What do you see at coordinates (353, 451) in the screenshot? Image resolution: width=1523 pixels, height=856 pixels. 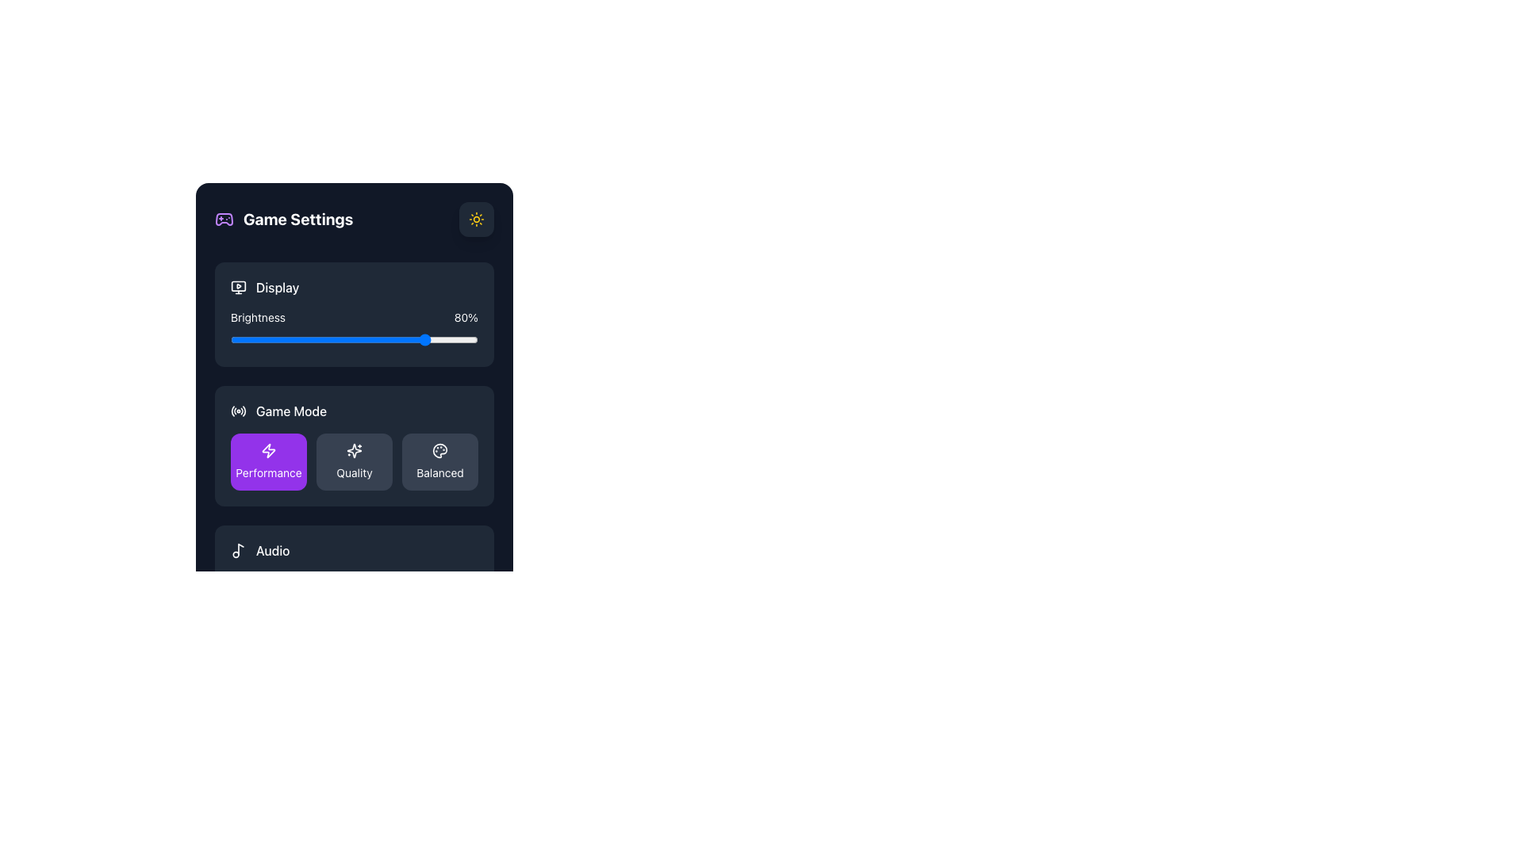 I see `the 'Quality' icon in the 'Game Mode' section, which symbolizes excellence and is positioned above the 'Quality' text` at bounding box center [353, 451].